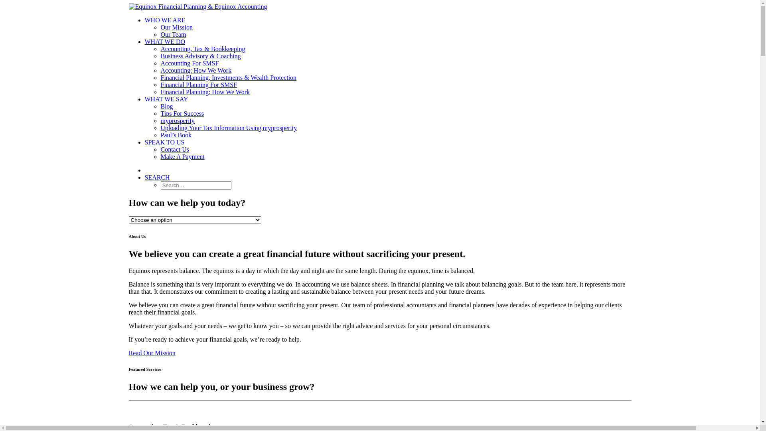 The height and width of the screenshot is (431, 766). Describe the element at coordinates (203, 49) in the screenshot. I see `'Accounting, Tax & Bookkeeping'` at that location.